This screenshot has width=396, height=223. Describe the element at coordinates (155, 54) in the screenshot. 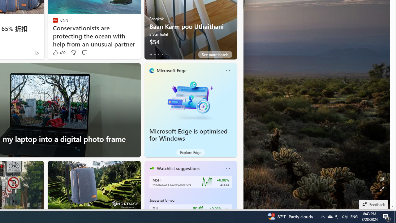

I see `'tab-1'` at that location.